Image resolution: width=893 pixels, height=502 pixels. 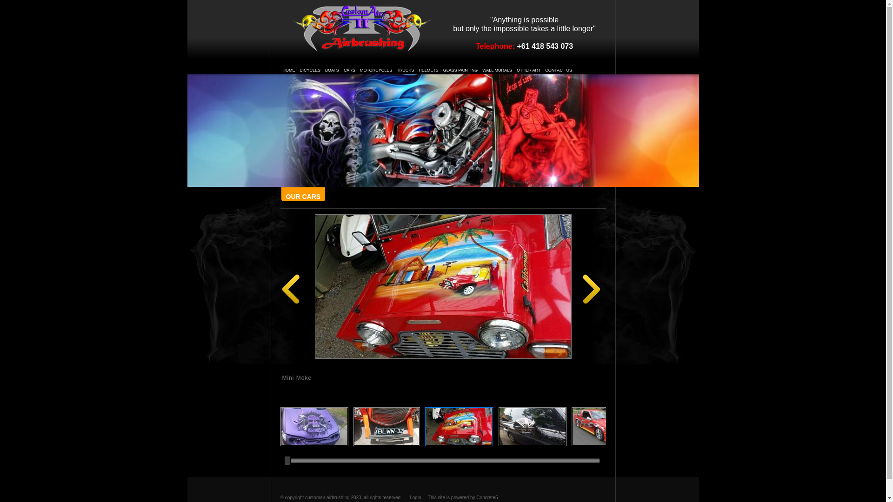 I want to click on 'CARS', so click(x=349, y=69).